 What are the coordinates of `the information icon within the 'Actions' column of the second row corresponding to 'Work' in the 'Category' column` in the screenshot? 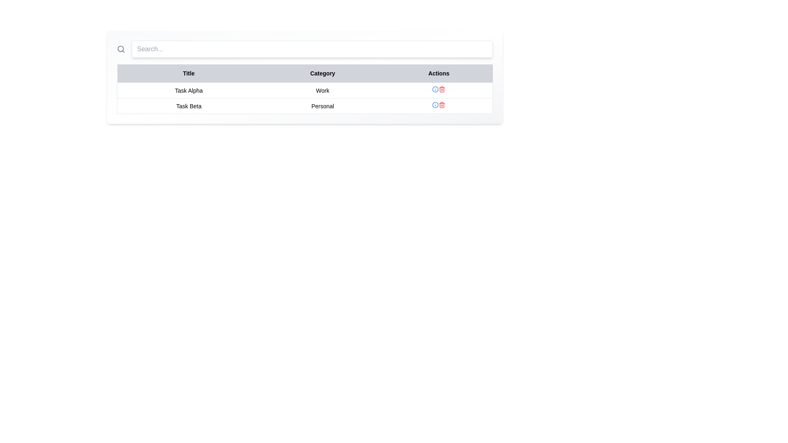 It's located at (438, 90).